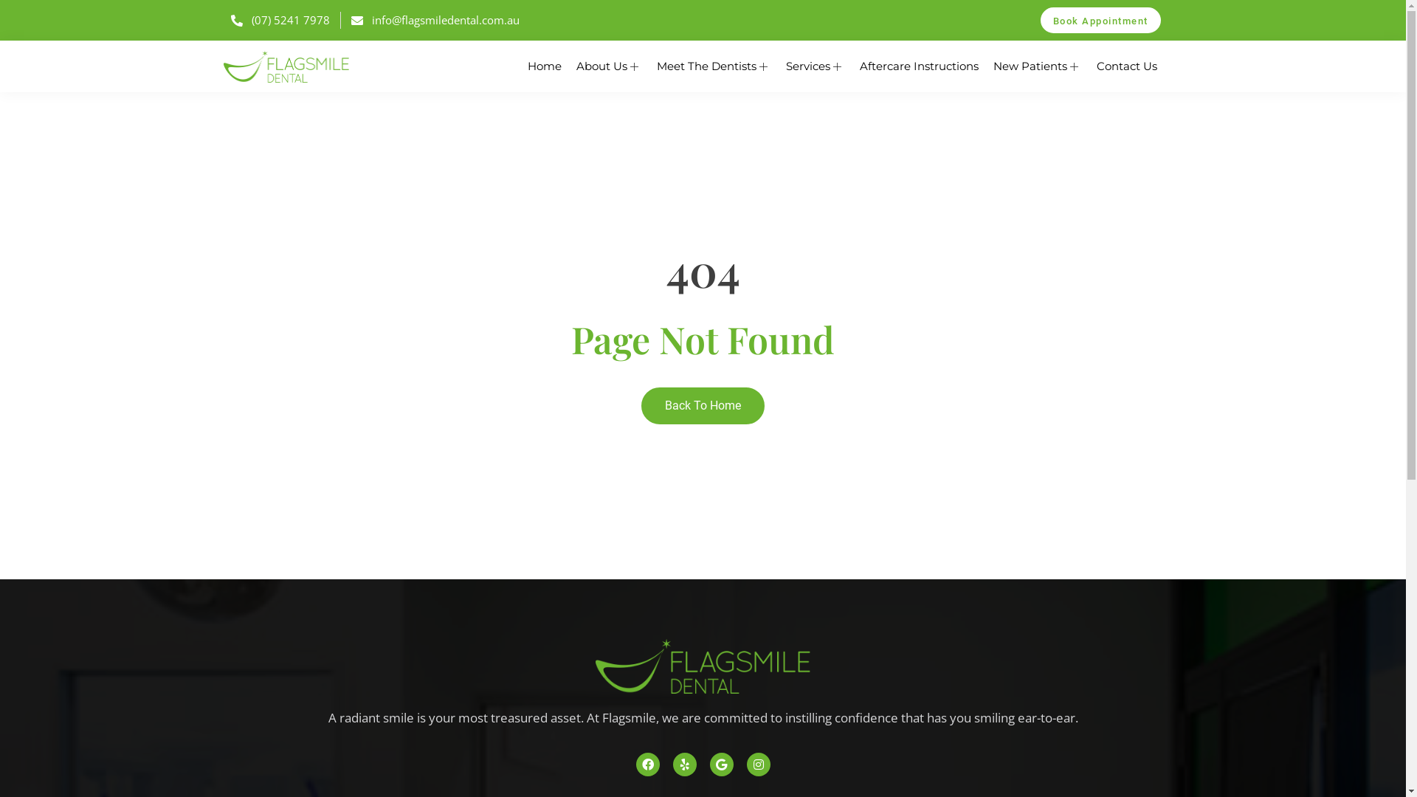  Describe the element at coordinates (543, 65) in the screenshot. I see `'Home'` at that location.